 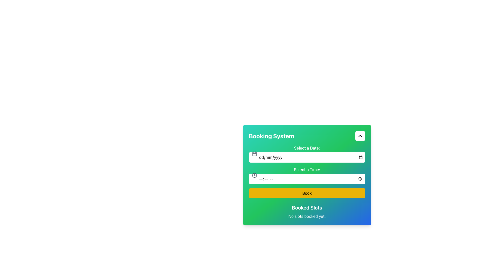 What do you see at coordinates (307, 208) in the screenshot?
I see `the header text label in the 'Booked Slots' section that introduces the information about booked slots, positioned above the text 'No slots booked yet.'` at bounding box center [307, 208].